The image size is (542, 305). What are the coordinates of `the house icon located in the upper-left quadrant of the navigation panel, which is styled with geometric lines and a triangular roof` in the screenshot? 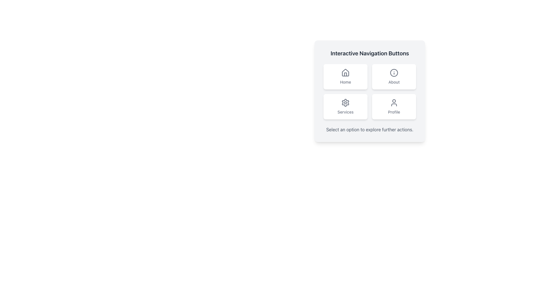 It's located at (345, 72).